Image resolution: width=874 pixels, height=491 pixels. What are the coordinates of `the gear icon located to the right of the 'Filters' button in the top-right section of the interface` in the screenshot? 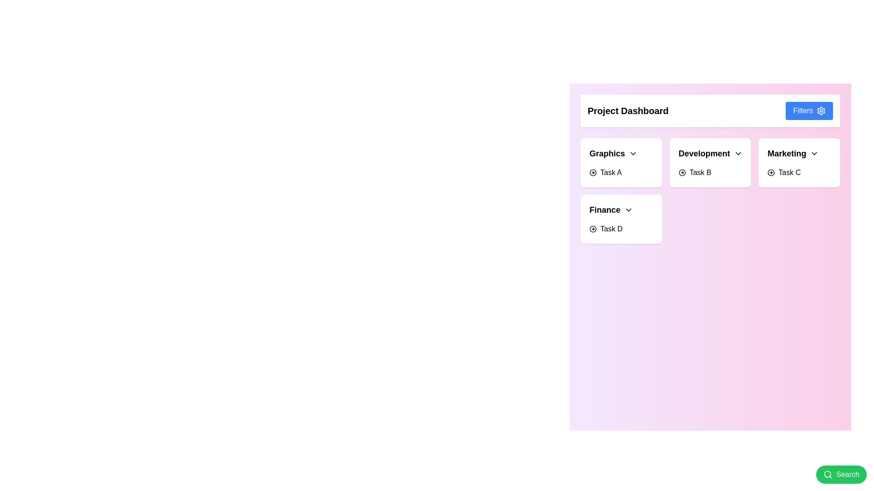 It's located at (821, 110).